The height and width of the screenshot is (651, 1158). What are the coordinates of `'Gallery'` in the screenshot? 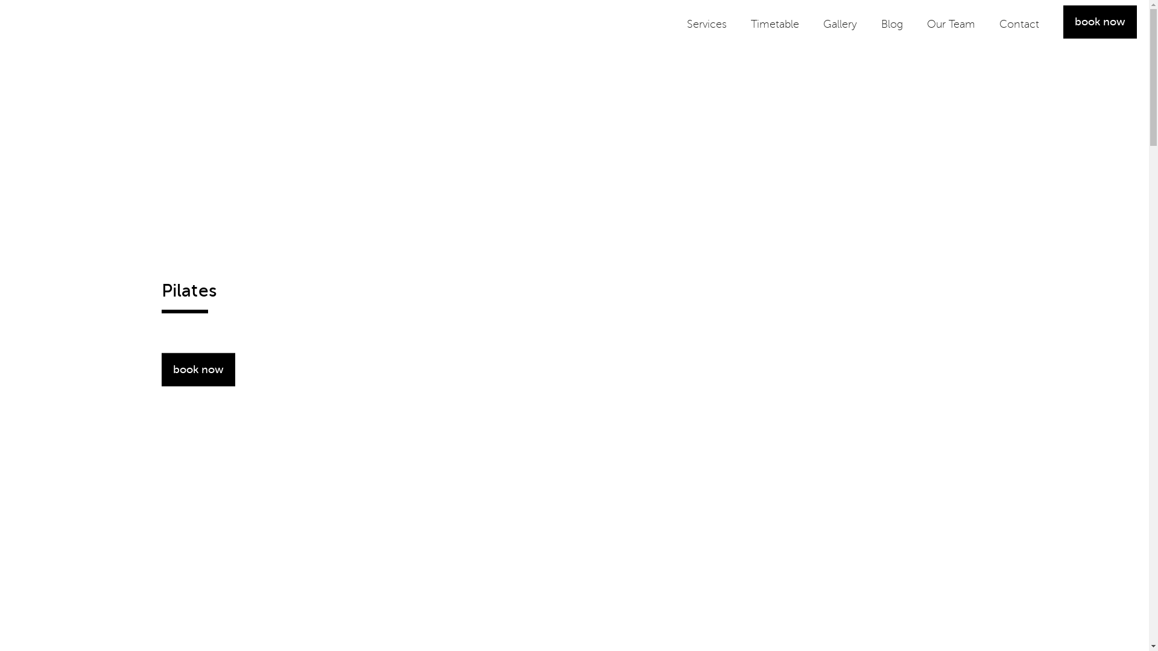 It's located at (839, 26).